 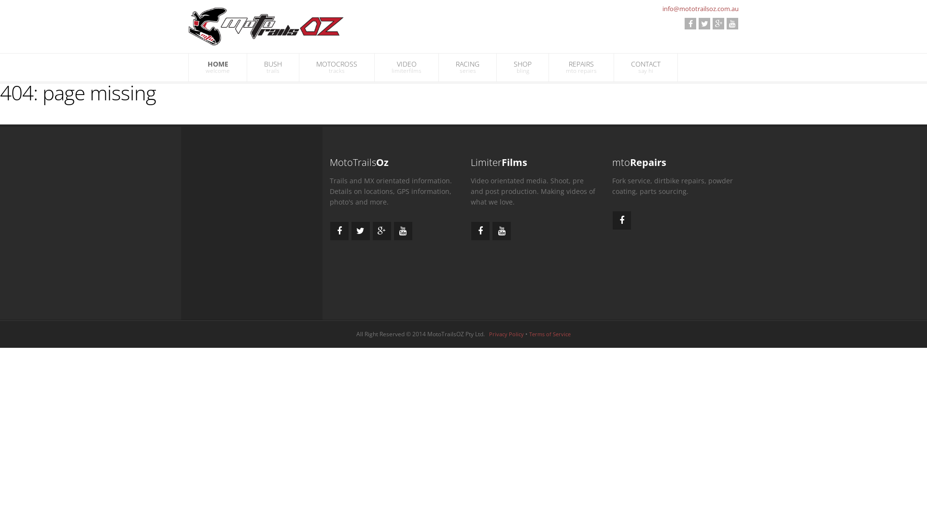 I want to click on 'info@mototrailsoz.com.au', so click(x=700, y=9).